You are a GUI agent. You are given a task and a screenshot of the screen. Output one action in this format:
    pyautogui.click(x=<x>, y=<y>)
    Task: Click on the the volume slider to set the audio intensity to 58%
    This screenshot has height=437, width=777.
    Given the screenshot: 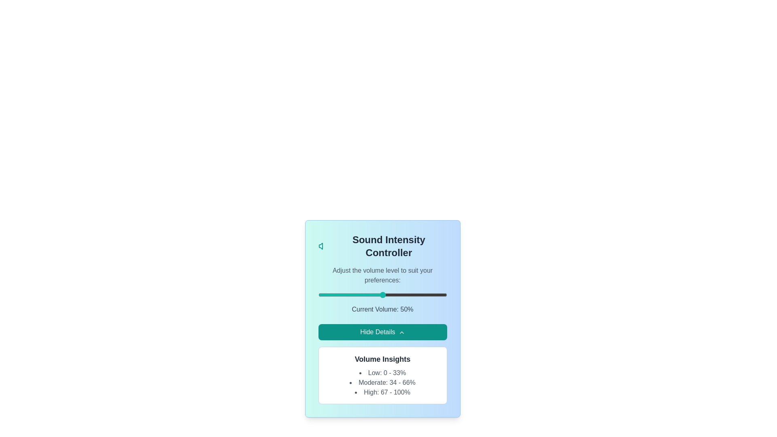 What is the action you would take?
    pyautogui.click(x=393, y=295)
    